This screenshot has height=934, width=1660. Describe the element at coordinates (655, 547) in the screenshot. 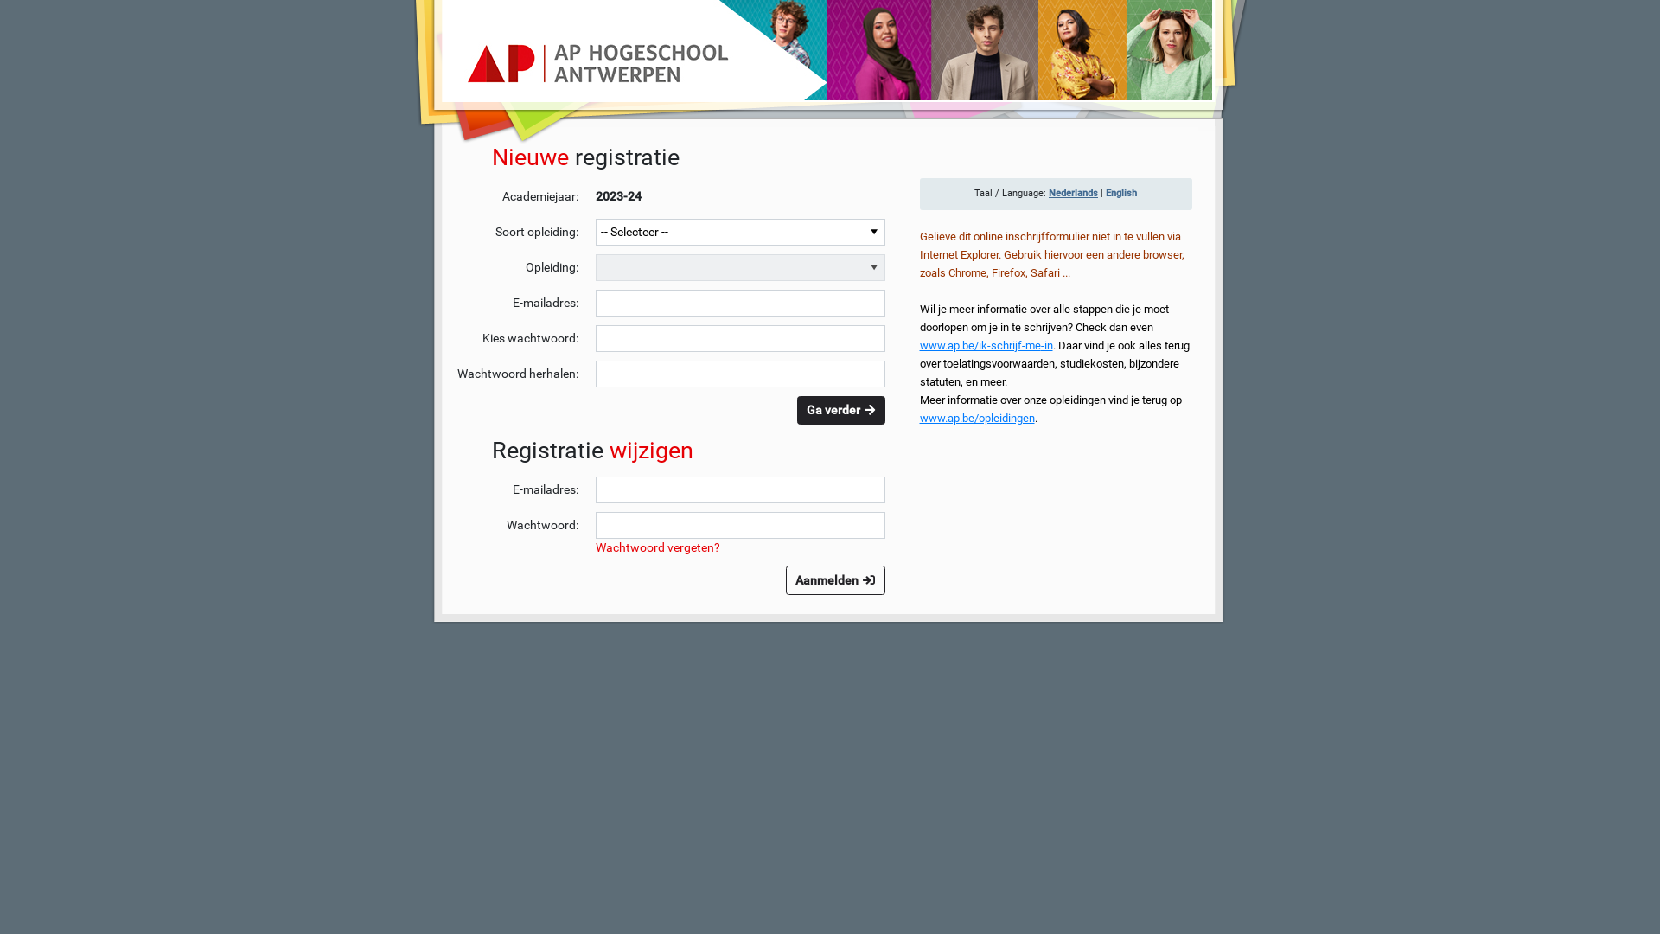

I see `'Wachtwoord vergeten?'` at that location.